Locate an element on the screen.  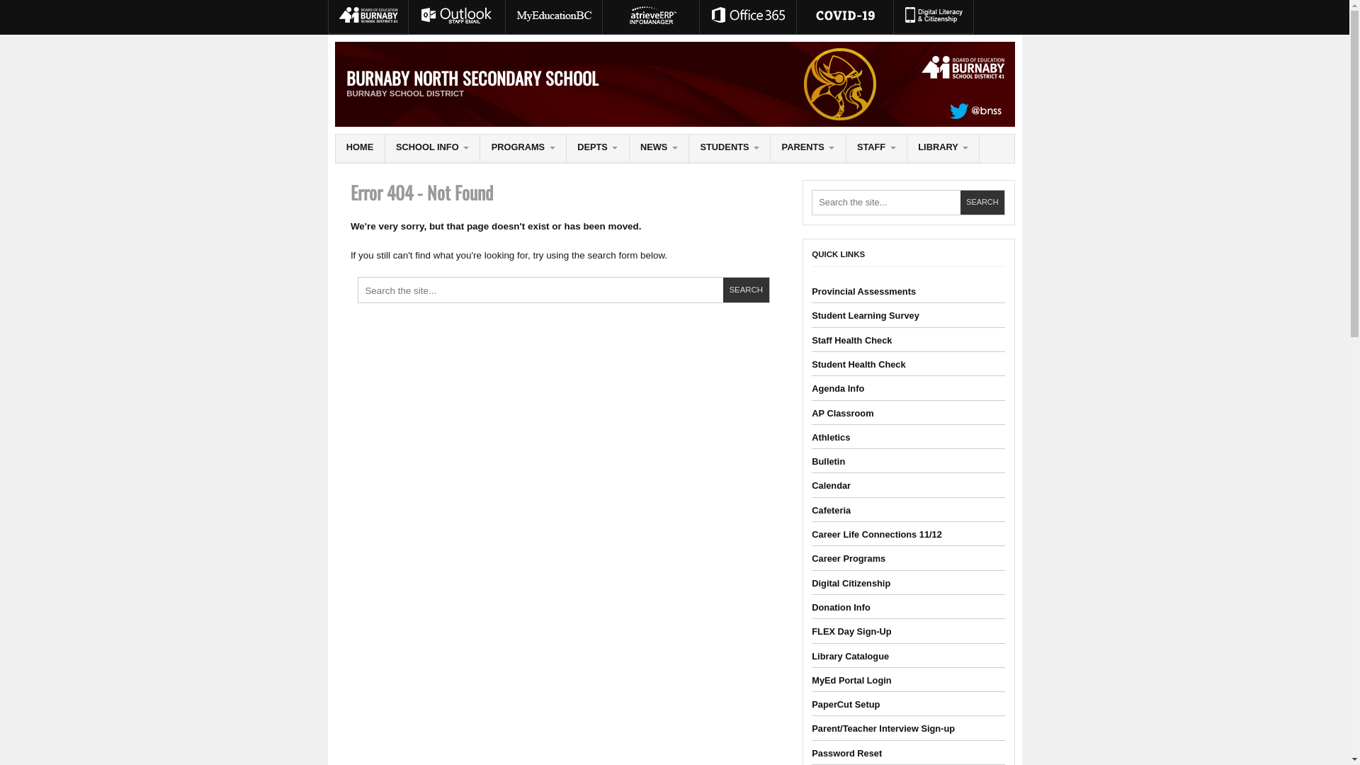
'AP Classroom' is located at coordinates (842, 413).